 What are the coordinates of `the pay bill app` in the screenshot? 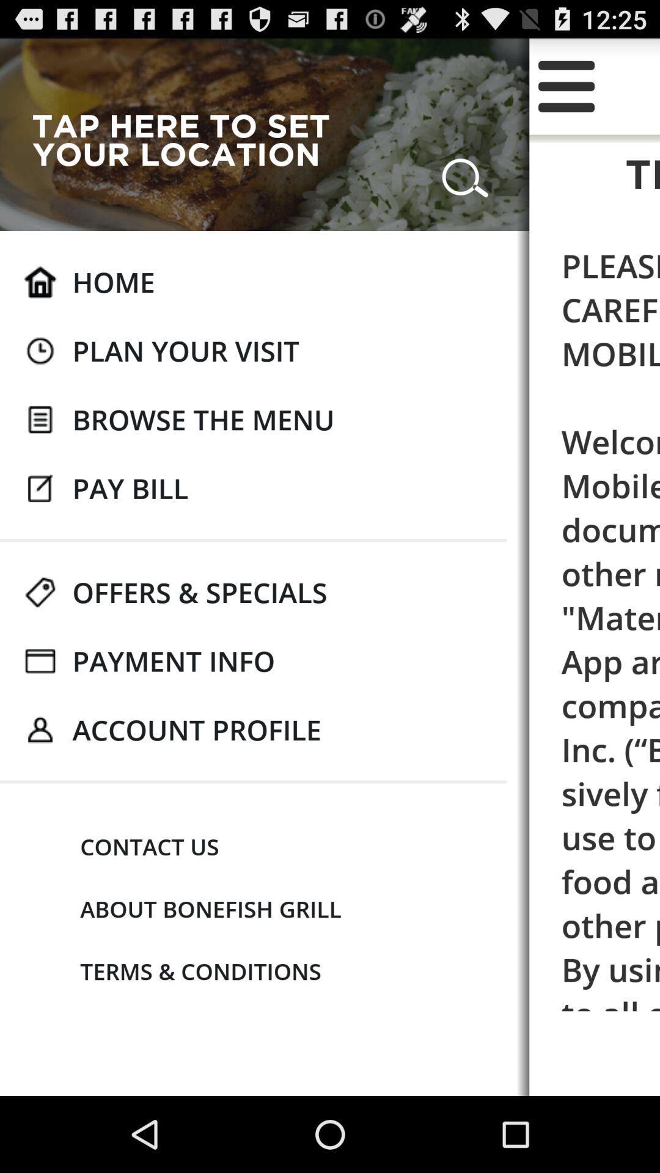 It's located at (130, 488).